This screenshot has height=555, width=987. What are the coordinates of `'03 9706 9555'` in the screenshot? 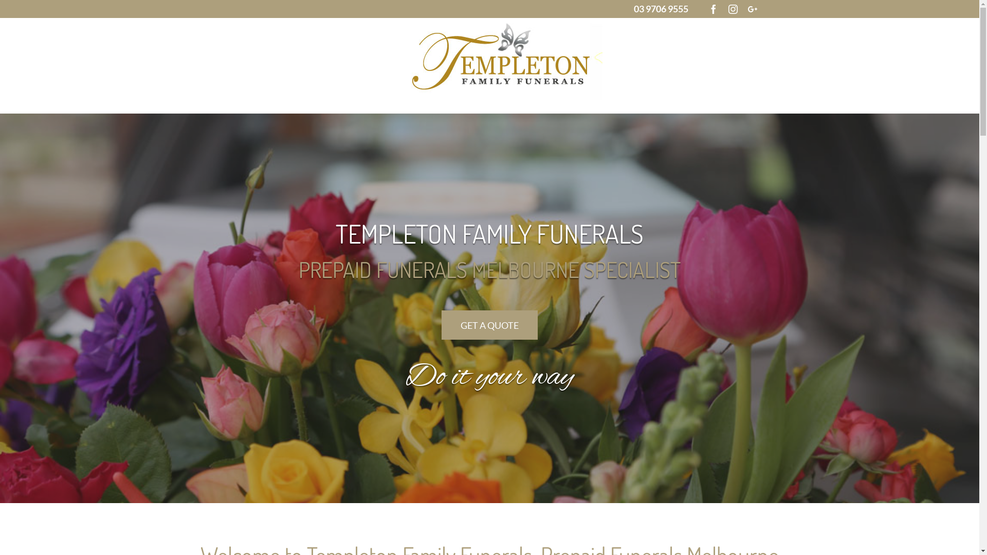 It's located at (661, 8).